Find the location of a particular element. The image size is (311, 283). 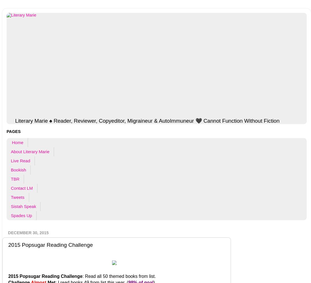

'Literary Marie ♠️ Reader, Reviewer, Copyeditor, Migraineur & AutoImmuneur 🖤 Cannot Function Without Fiction' is located at coordinates (147, 120).